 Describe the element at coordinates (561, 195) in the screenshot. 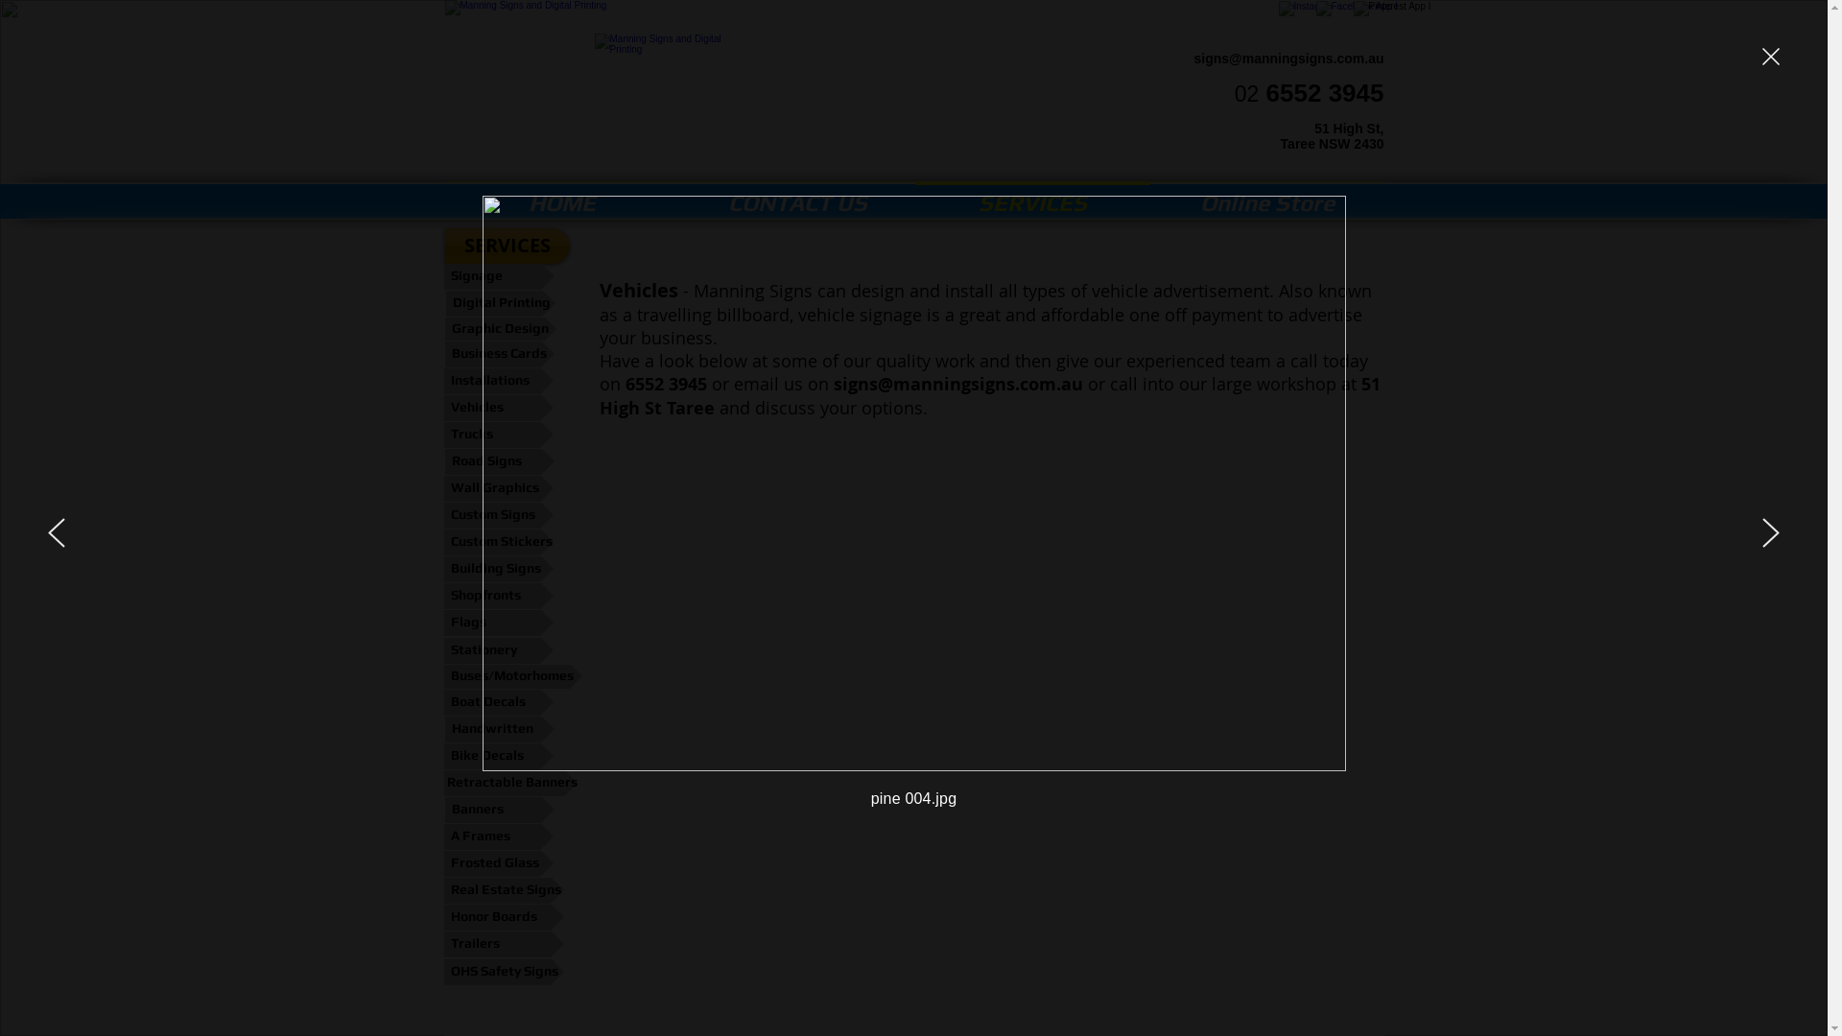

I see `'HOME'` at that location.